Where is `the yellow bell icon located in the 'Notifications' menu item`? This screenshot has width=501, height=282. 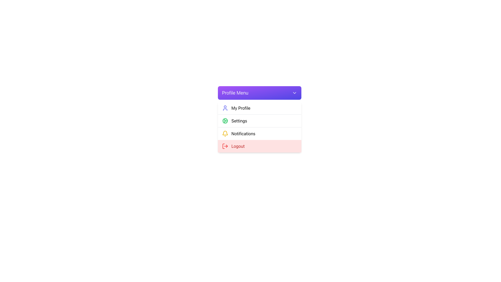
the yellow bell icon located in the 'Notifications' menu item is located at coordinates (225, 133).